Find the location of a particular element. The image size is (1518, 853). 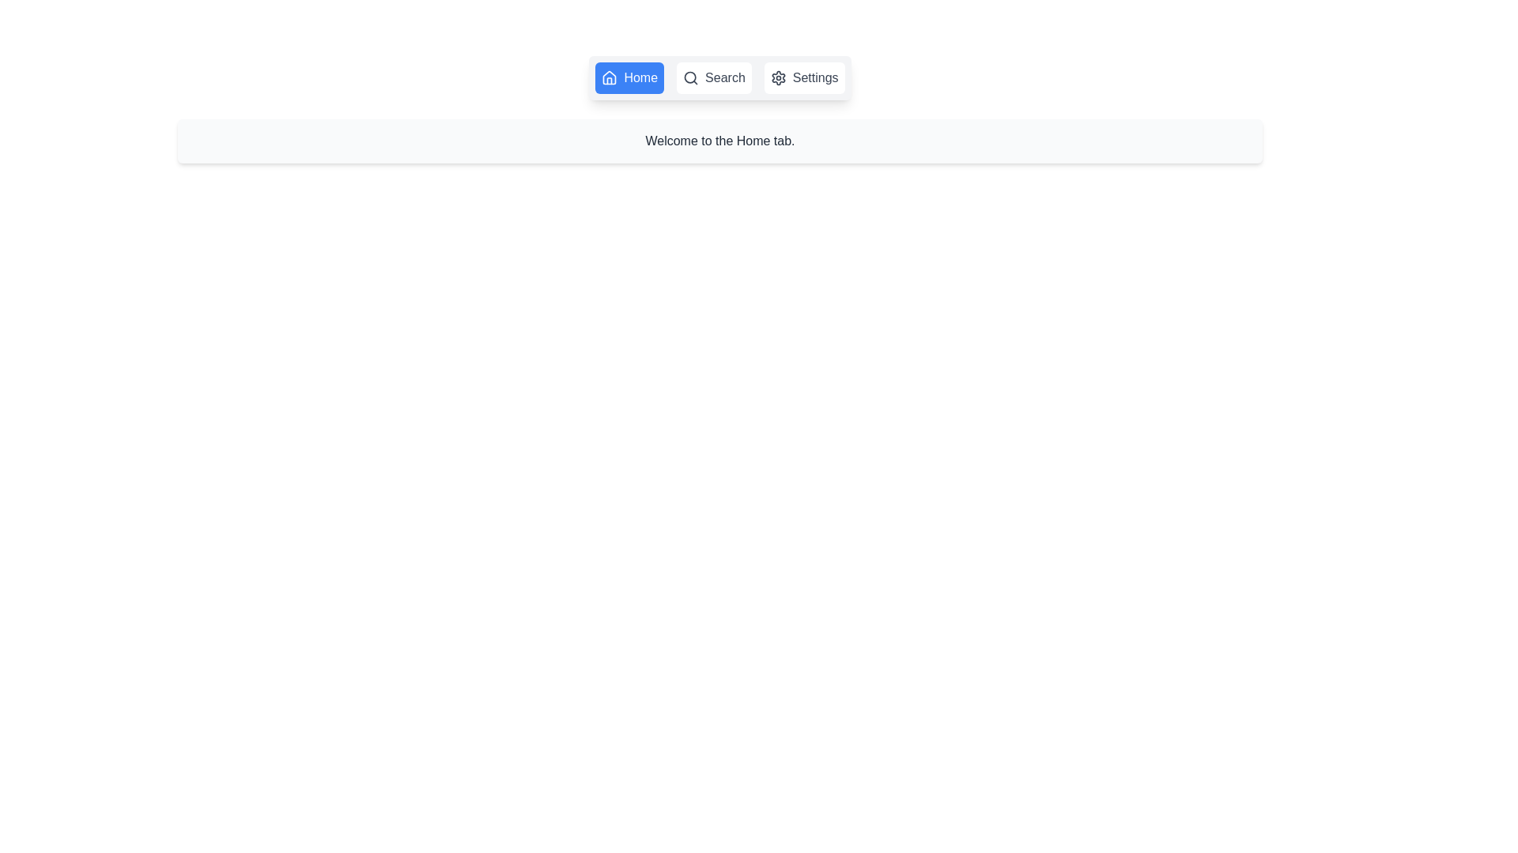

the cog or gear icon representing the 'Settings' option in the navigation bar, which is the first graphical element of the 'Settings' button is located at coordinates (778, 78).